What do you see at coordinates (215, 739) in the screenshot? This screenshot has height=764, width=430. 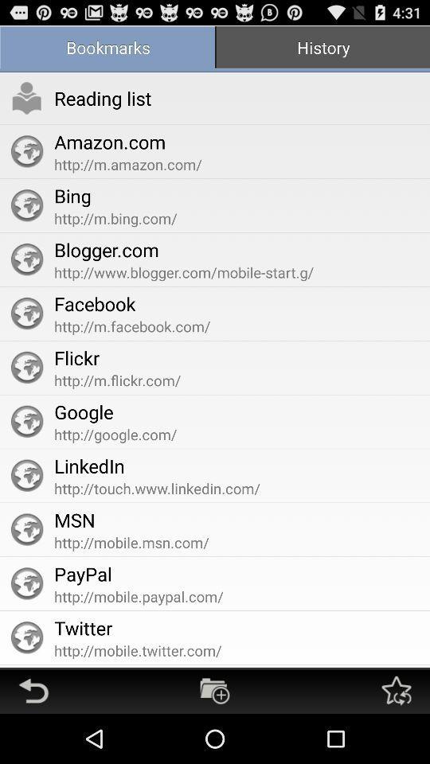 I see `the folder icon` at bounding box center [215, 739].